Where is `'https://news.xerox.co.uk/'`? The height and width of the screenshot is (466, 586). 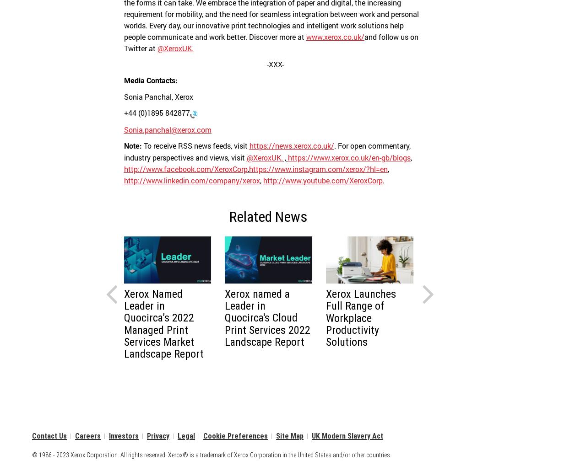
'https://news.xerox.co.uk/' is located at coordinates (291, 145).